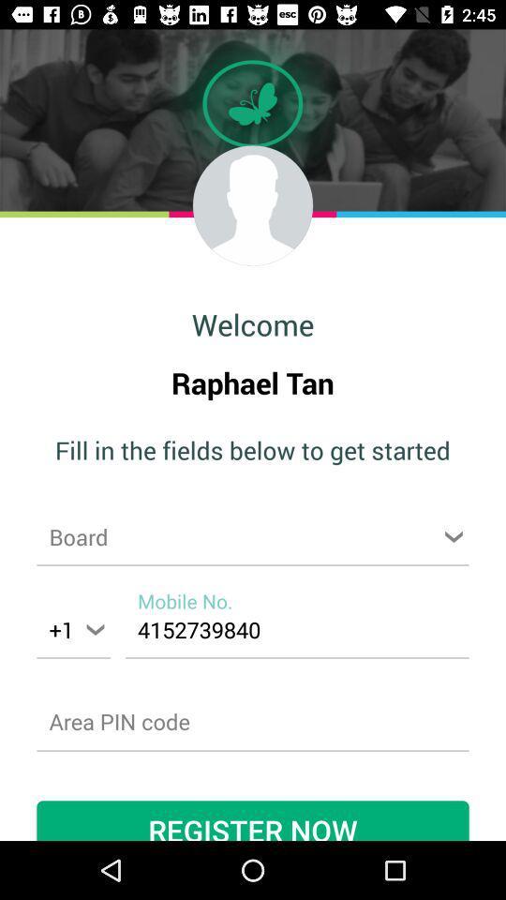 Image resolution: width=506 pixels, height=900 pixels. What do you see at coordinates (253, 536) in the screenshot?
I see `choose board` at bounding box center [253, 536].